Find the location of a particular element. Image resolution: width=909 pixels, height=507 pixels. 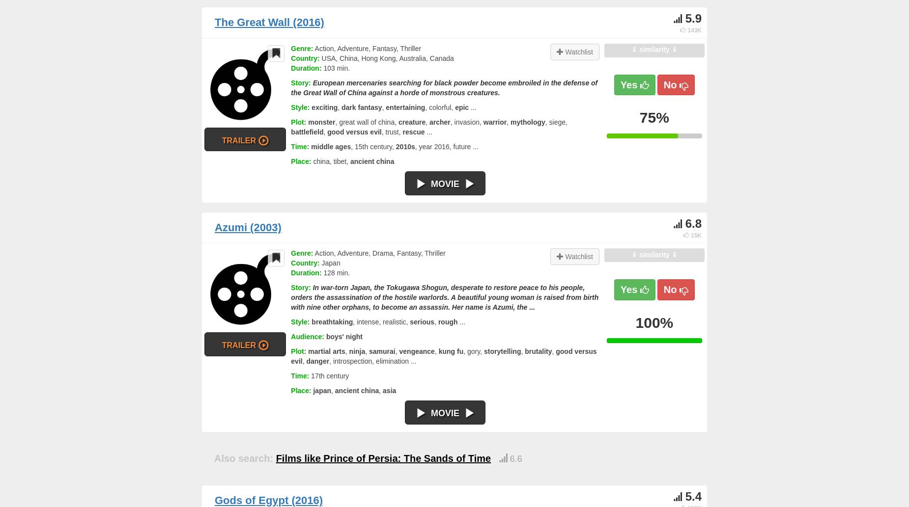

'Also search:' is located at coordinates (243, 458).